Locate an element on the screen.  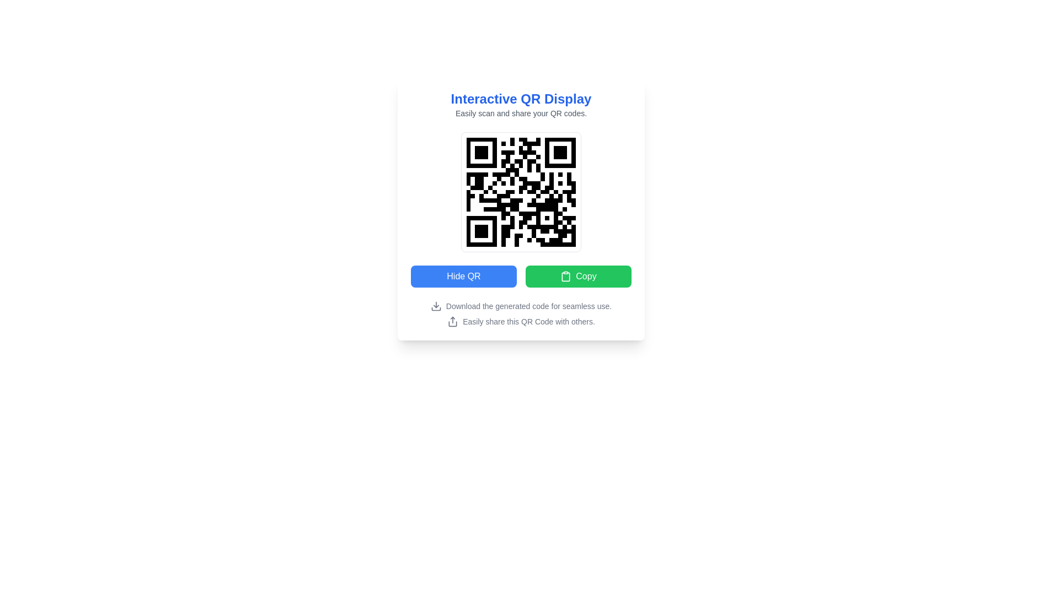
the informational text element that informs users about sharing the QR code, located centrally below the text 'Download the generated code for seamless use.' is located at coordinates (521, 321).